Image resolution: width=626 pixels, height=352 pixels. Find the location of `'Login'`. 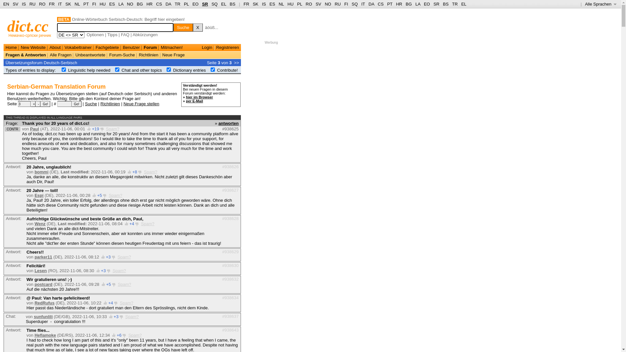

'Login' is located at coordinates (206, 47).